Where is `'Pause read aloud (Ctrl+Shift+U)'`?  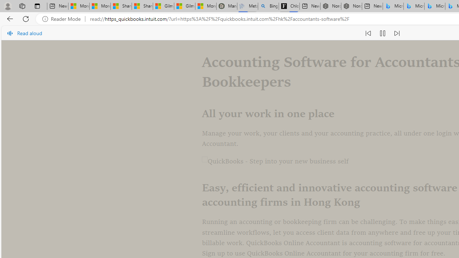
'Pause read aloud (Ctrl+Shift+U)' is located at coordinates (382, 33).